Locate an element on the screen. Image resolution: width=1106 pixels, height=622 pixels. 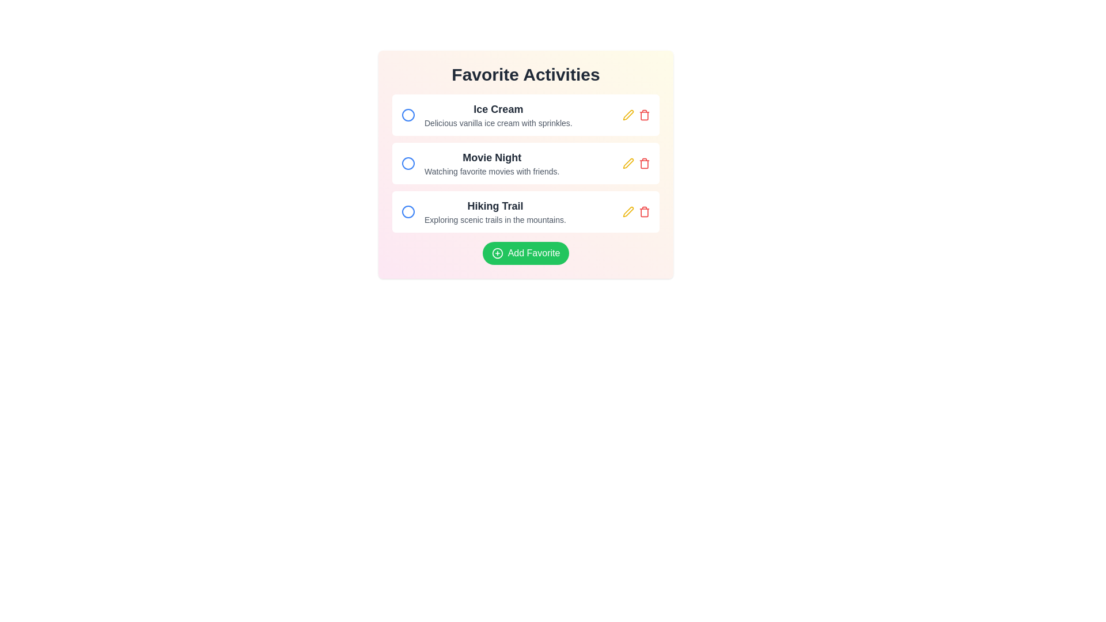
the circular green icon within the 'Add Favorite' button located at the bottom section of the interface is located at coordinates (497, 252).